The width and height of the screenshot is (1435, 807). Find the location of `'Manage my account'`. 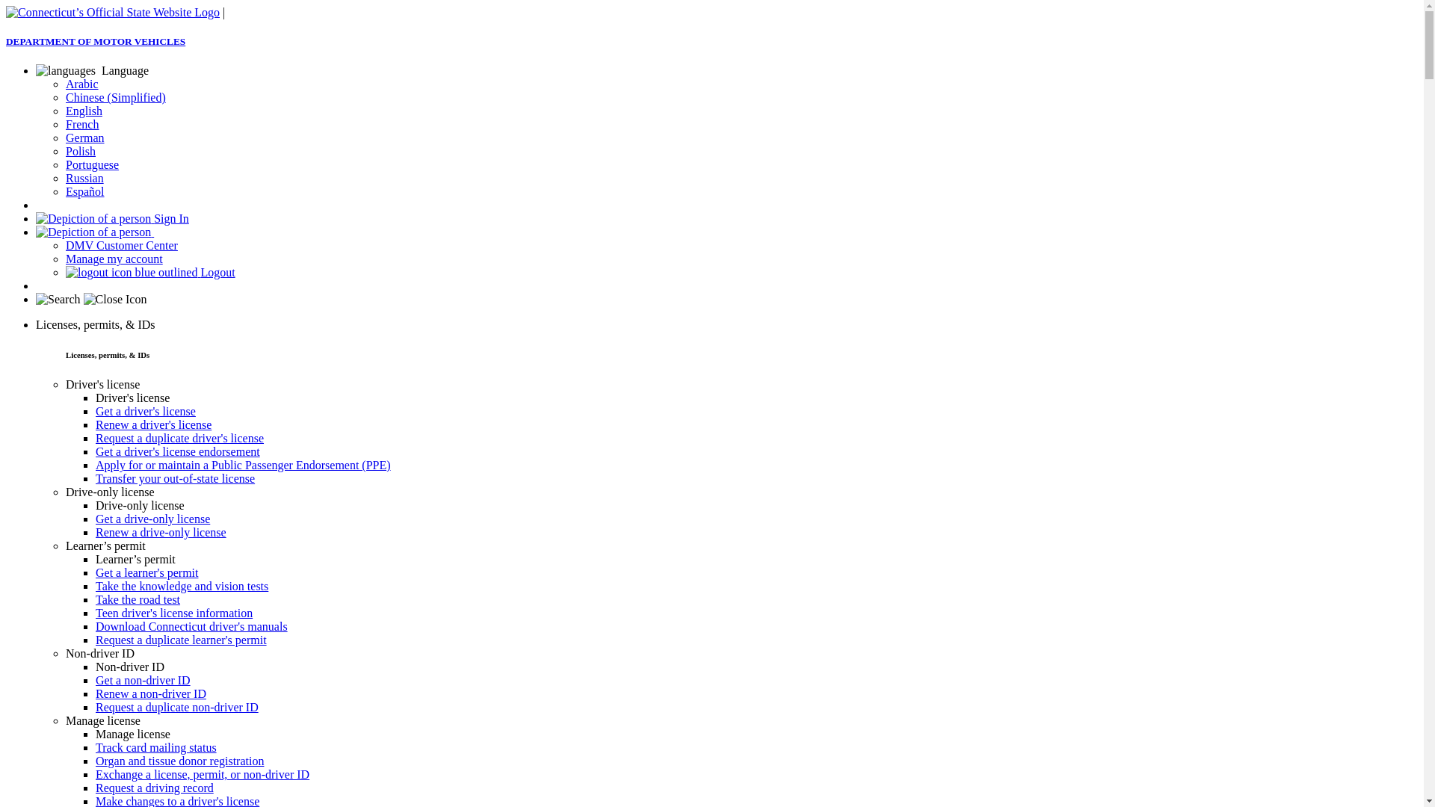

'Manage my account' is located at coordinates (114, 258).